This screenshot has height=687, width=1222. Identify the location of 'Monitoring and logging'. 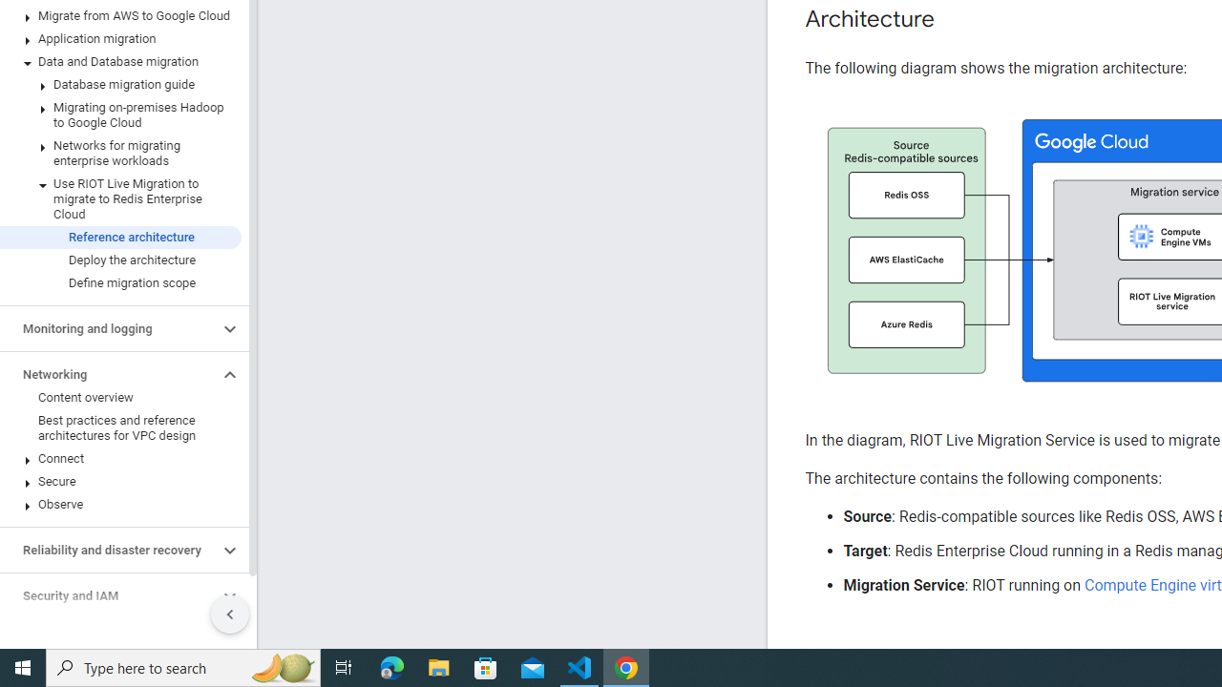
(108, 327).